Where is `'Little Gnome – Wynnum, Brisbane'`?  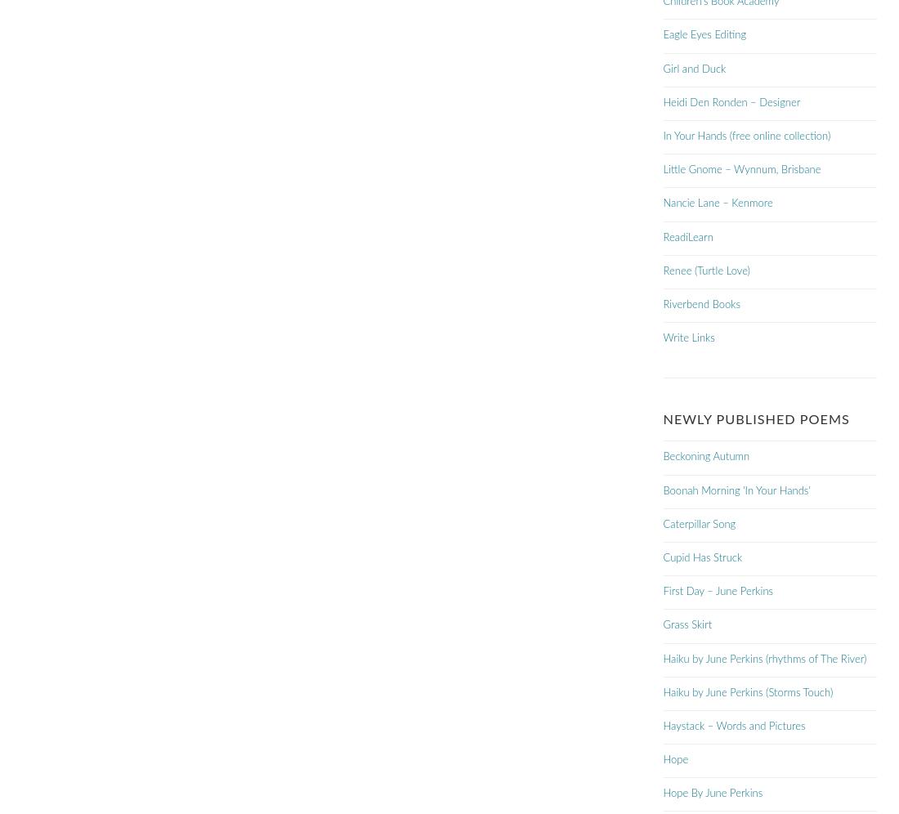 'Little Gnome – Wynnum, Brisbane' is located at coordinates (741, 170).